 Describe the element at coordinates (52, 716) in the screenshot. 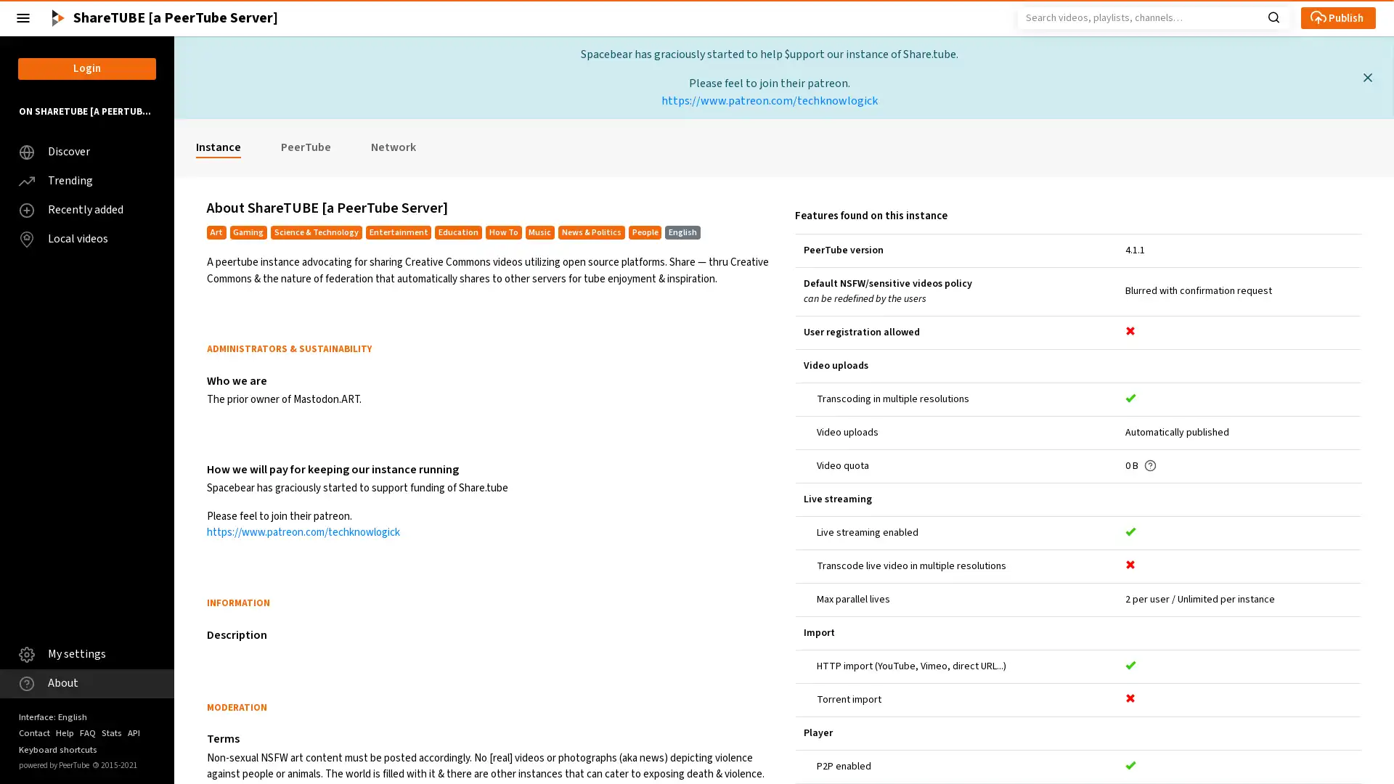

I see `Interface: English` at that location.